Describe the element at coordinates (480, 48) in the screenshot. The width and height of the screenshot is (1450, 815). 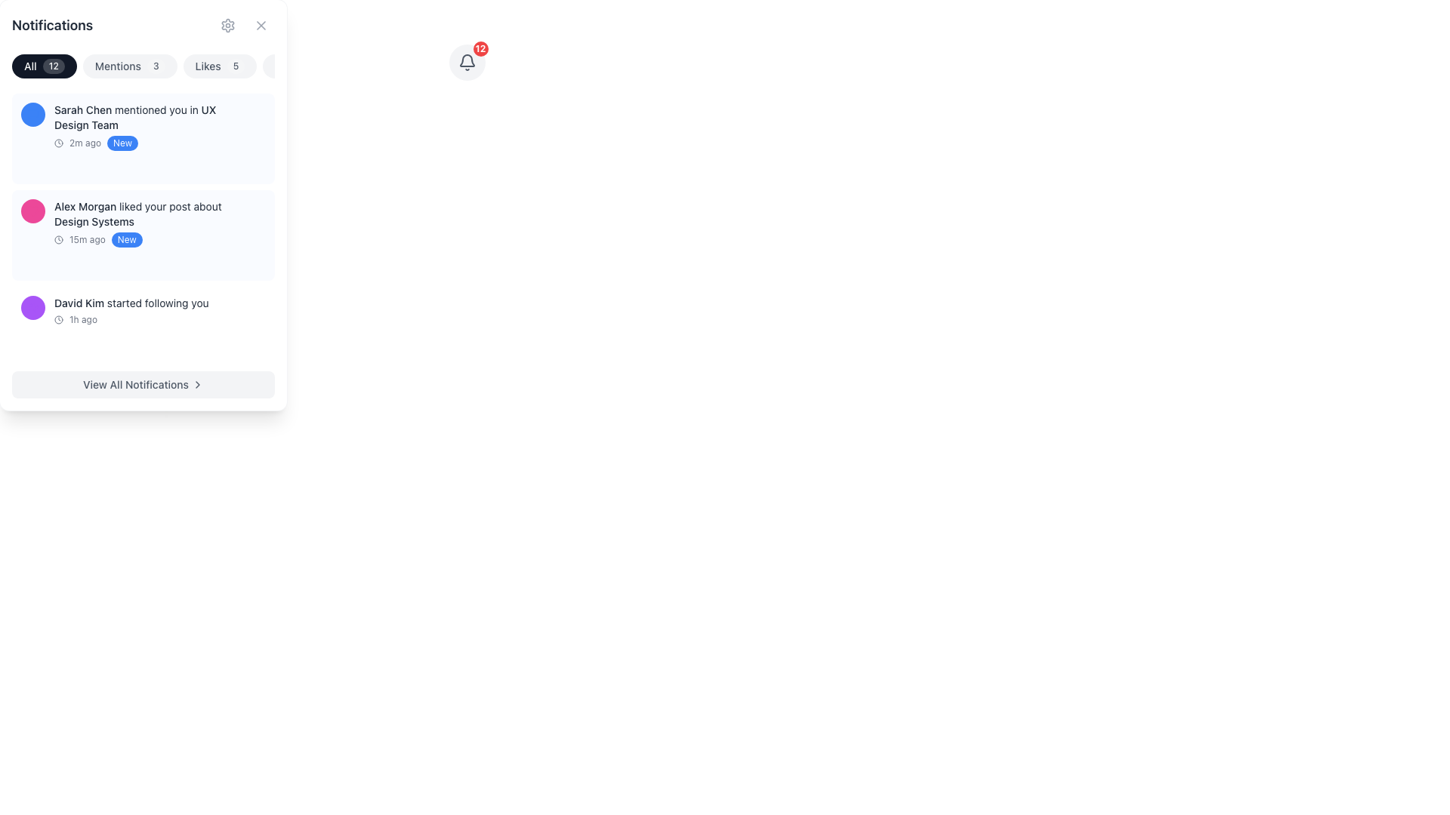
I see `the Notification badge, which is a small red circular badge displaying the text '12' located at the top-right corner of a notification bell icon` at that location.